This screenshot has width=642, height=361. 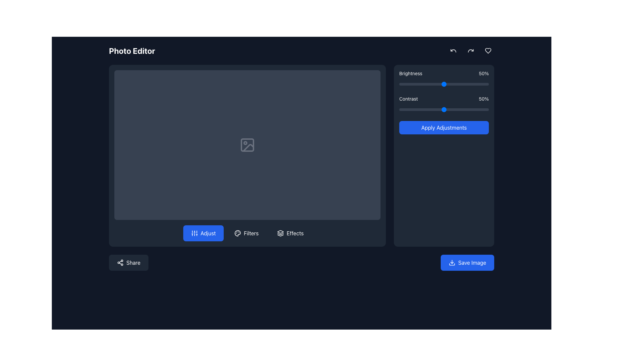 What do you see at coordinates (488, 50) in the screenshot?
I see `the 'like' or 'favorite' icon located at the top-right corner of the interface, adjacent to the undo and redo buttons` at bounding box center [488, 50].